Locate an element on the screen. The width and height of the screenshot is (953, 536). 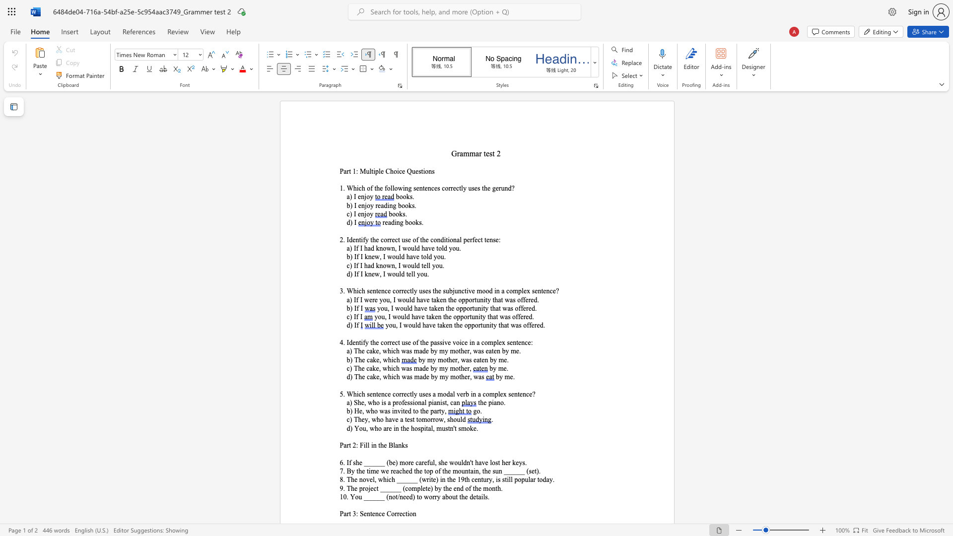
the subset text ") The cake, wh" within the text "c) The cake, which was made by my mother," is located at coordinates (349, 368).